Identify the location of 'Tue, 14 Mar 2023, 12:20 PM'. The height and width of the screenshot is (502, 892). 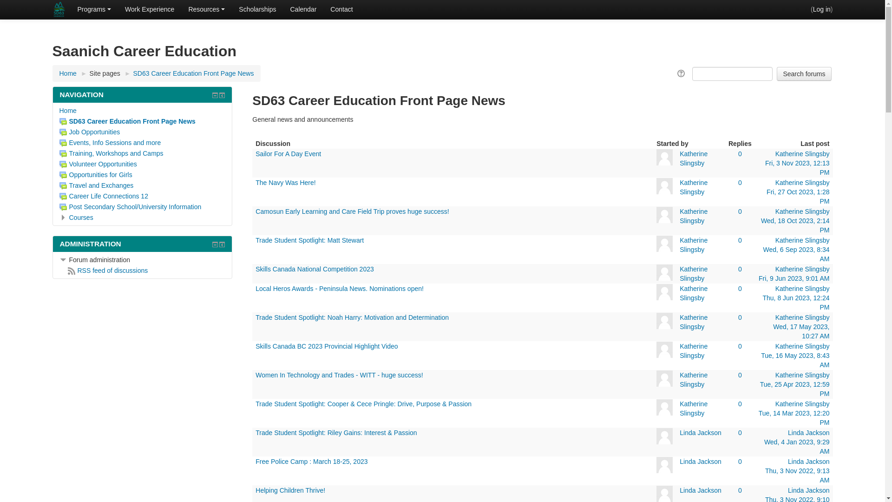
(794, 417).